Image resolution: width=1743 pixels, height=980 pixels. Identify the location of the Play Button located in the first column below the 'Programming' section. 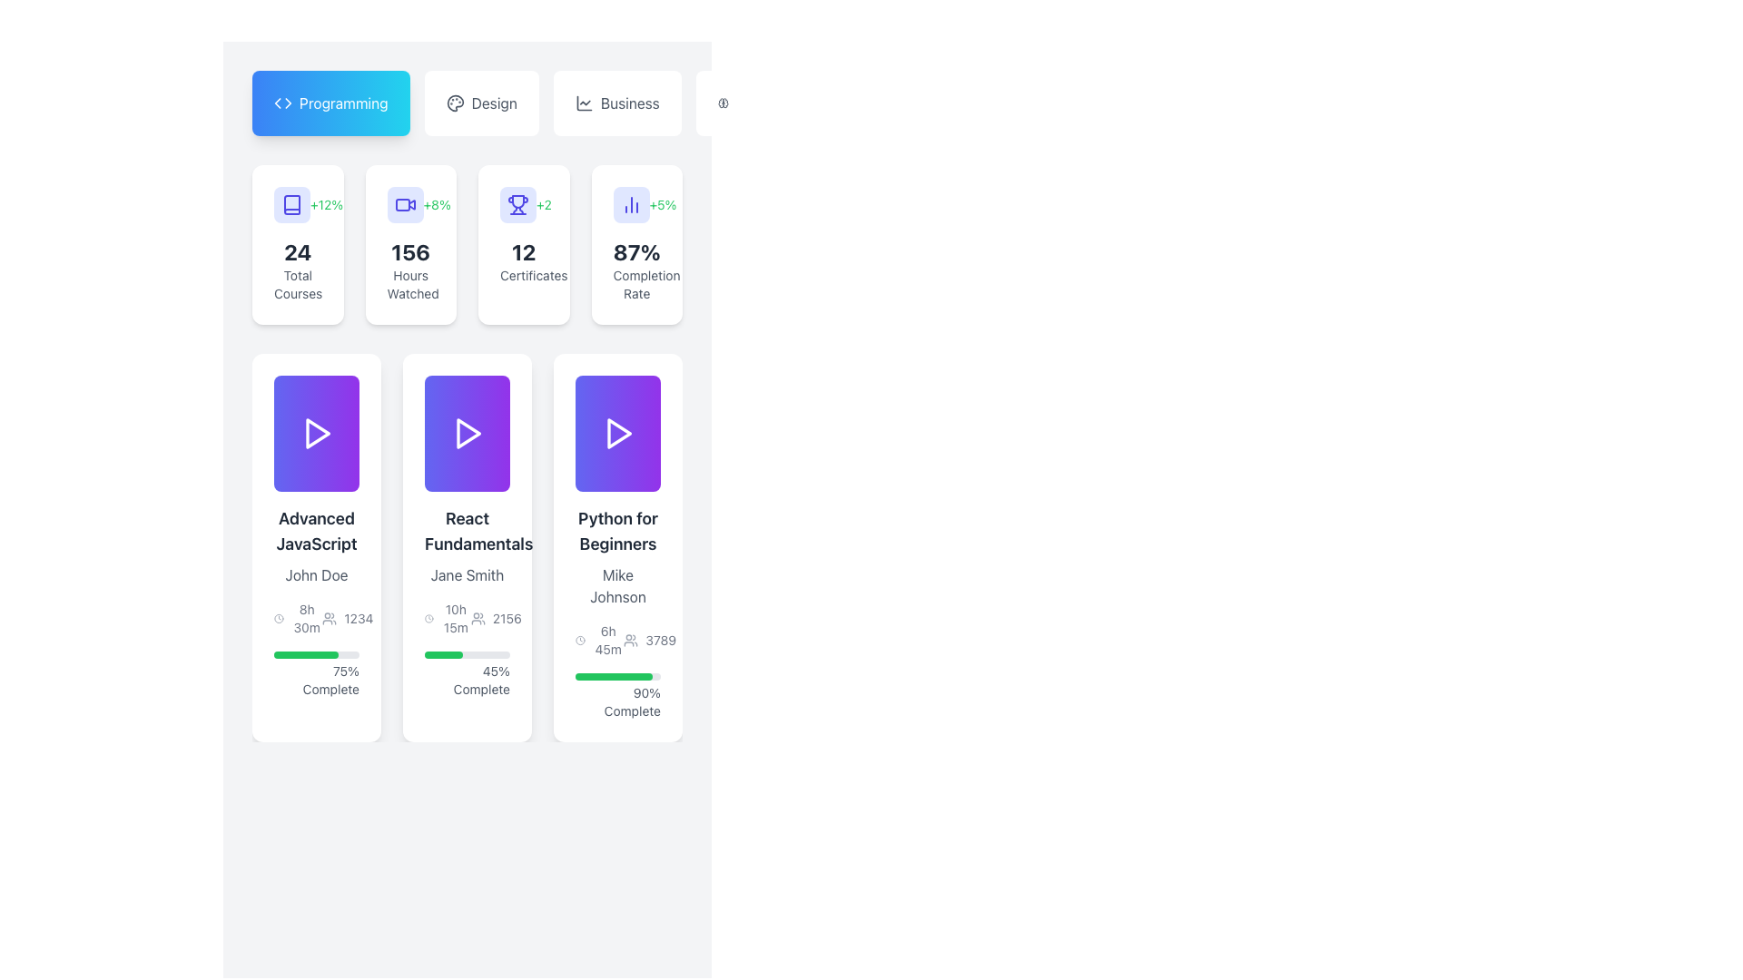
(317, 434).